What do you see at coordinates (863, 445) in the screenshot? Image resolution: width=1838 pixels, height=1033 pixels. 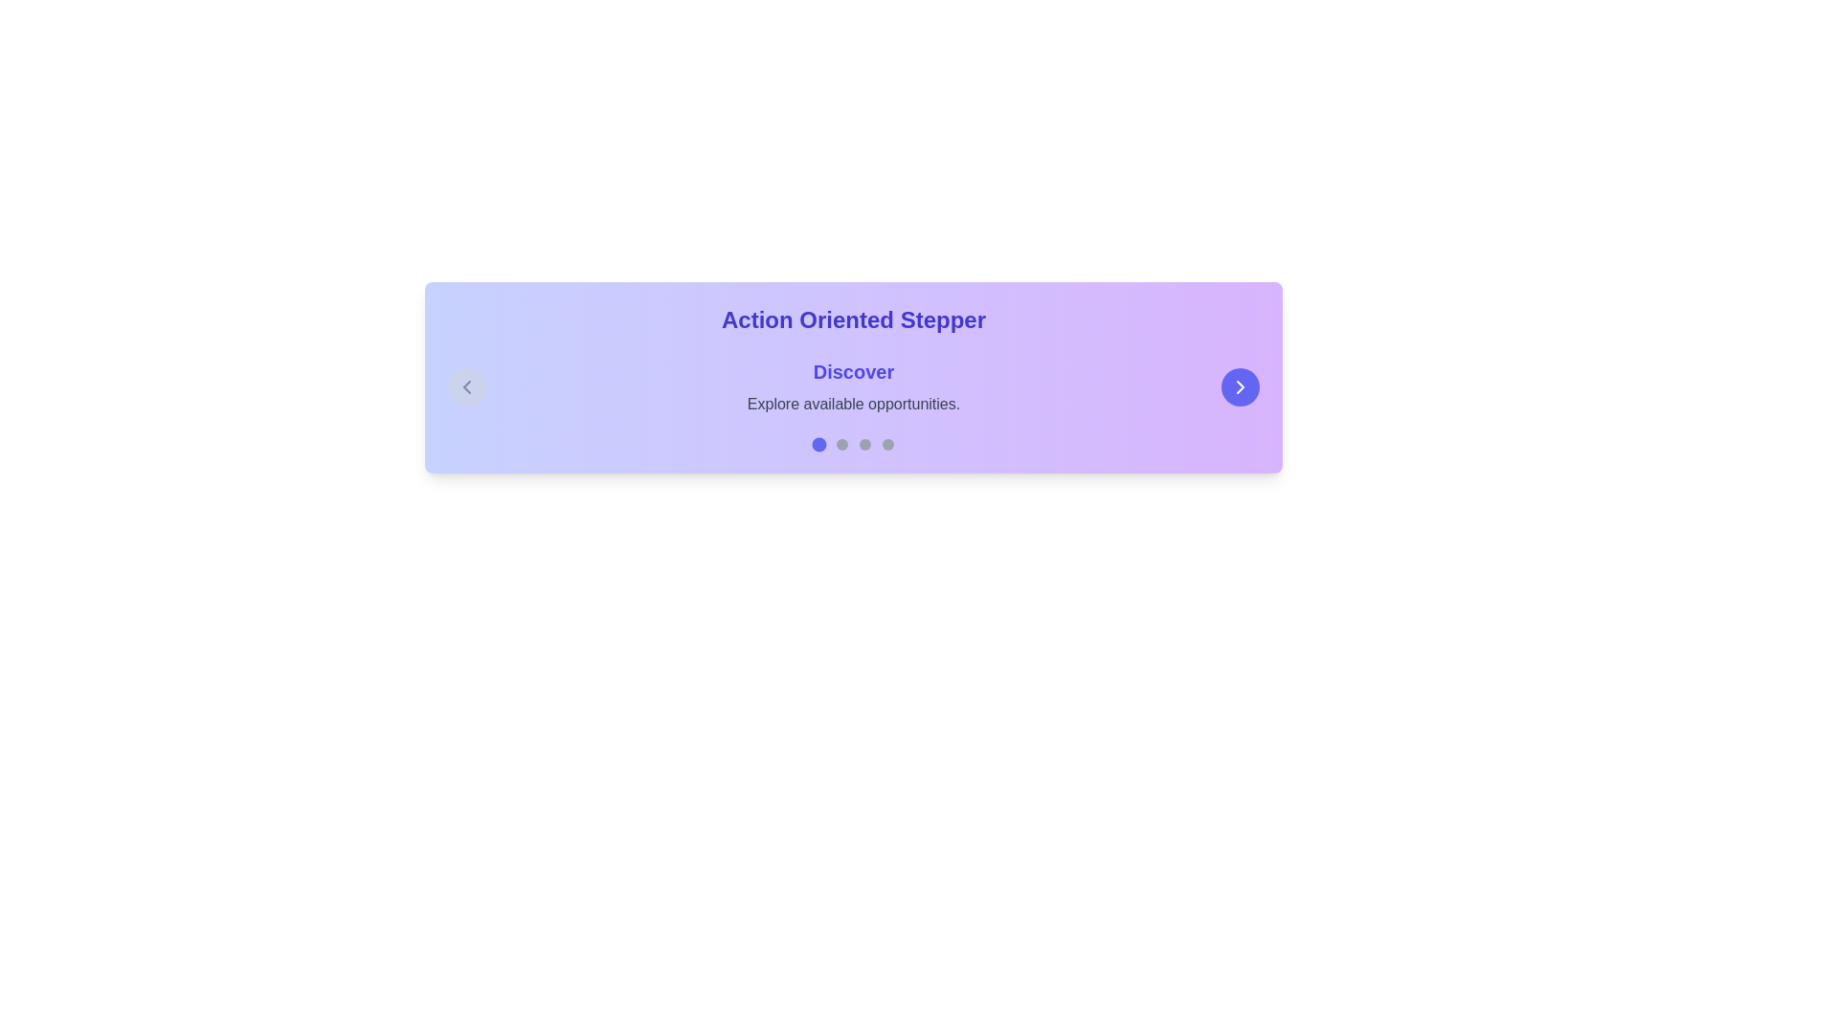 I see `the third gray dot indicator to interact with the stepper or pagination` at bounding box center [863, 445].